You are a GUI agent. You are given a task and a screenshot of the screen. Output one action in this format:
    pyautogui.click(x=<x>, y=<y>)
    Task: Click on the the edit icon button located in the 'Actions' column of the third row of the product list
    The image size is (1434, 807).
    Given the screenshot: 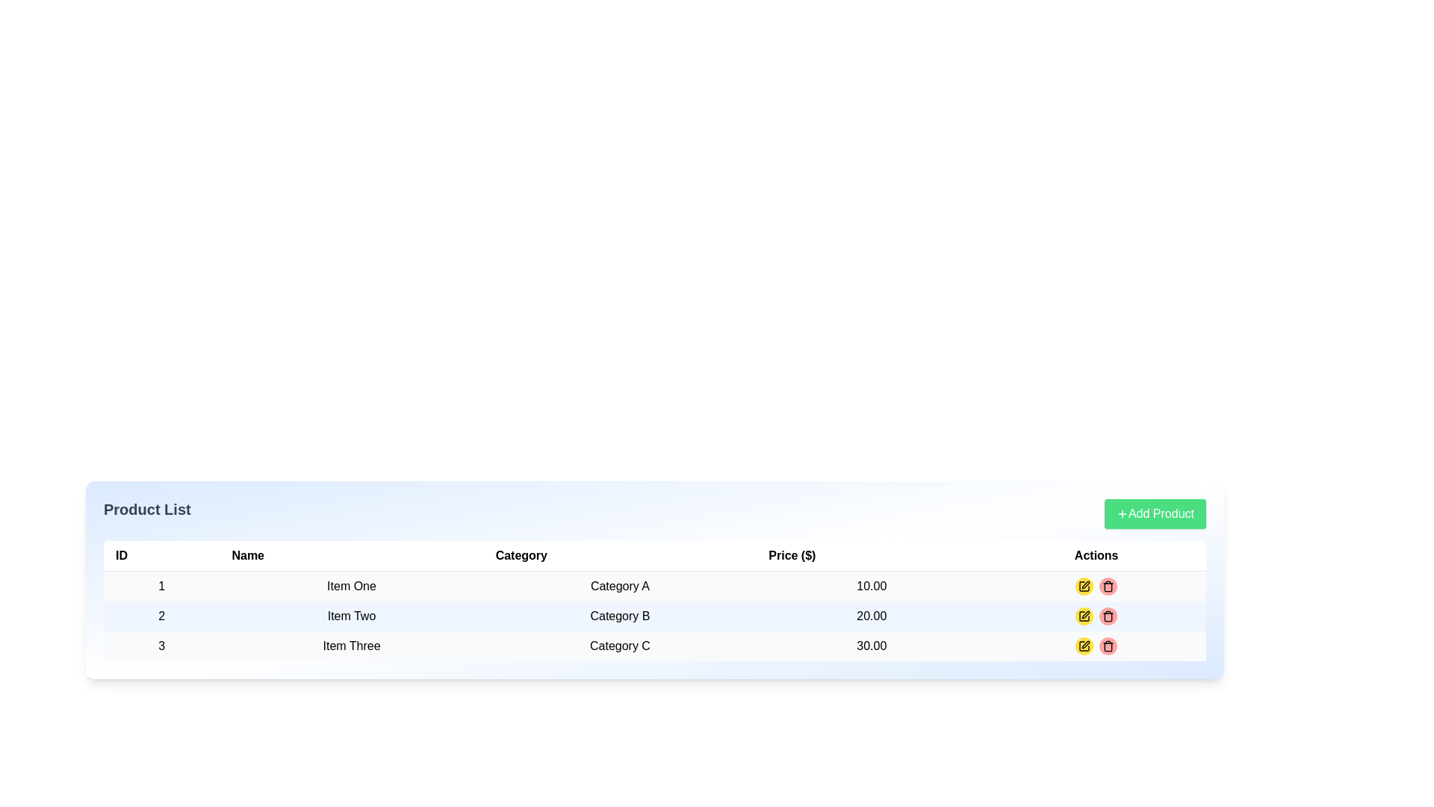 What is the action you would take?
    pyautogui.click(x=1084, y=586)
    